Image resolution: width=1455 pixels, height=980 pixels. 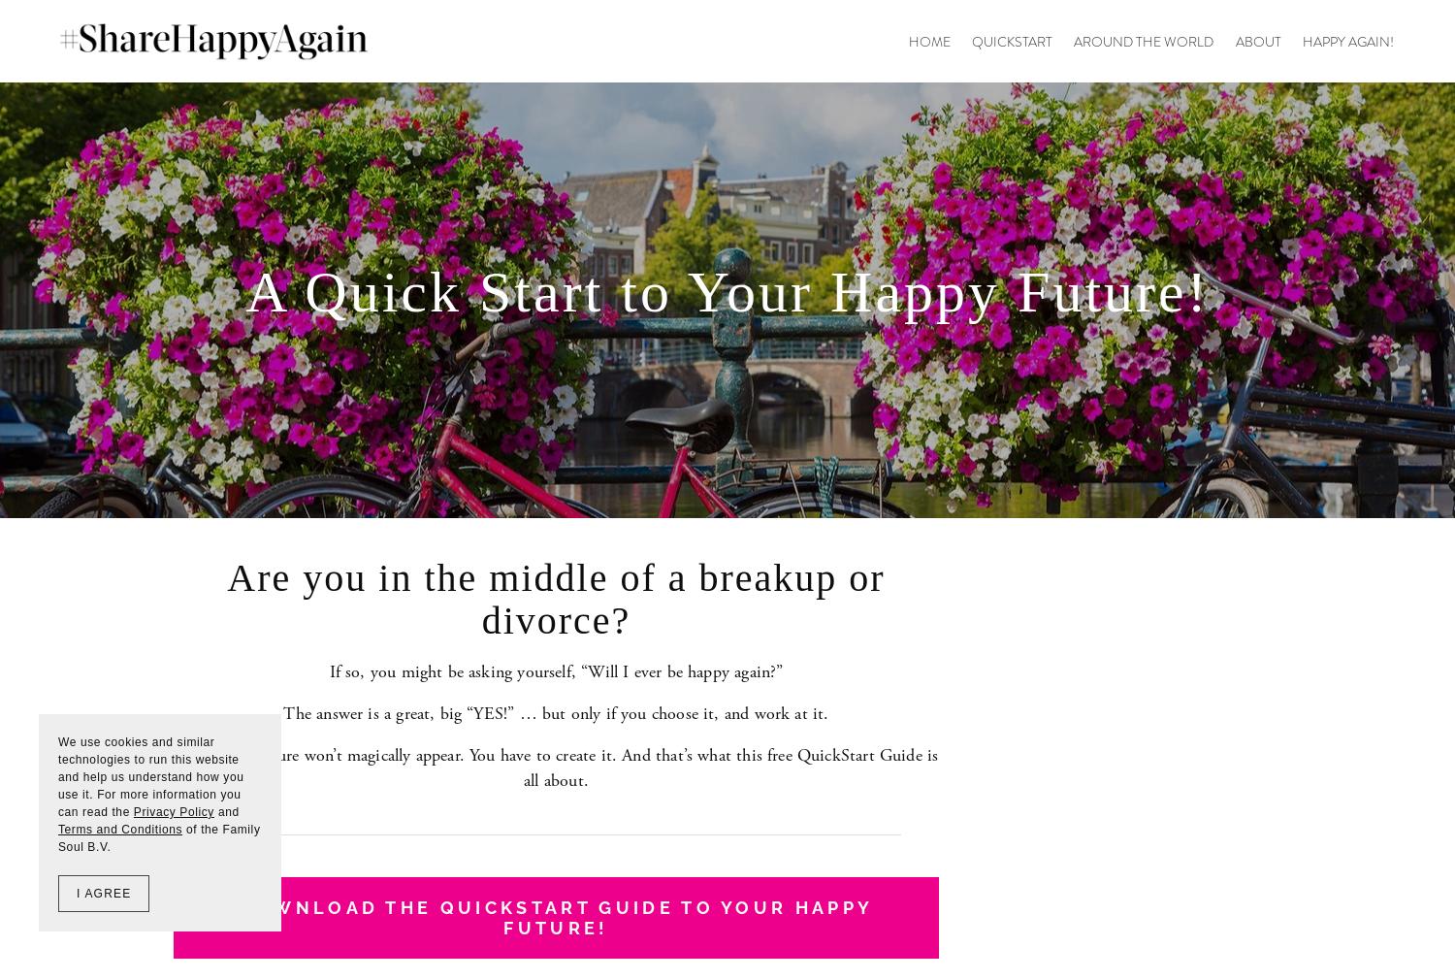 I want to click on 'If so, you might be asking yourself, “Will I ever be happy again?”', so click(x=328, y=670).